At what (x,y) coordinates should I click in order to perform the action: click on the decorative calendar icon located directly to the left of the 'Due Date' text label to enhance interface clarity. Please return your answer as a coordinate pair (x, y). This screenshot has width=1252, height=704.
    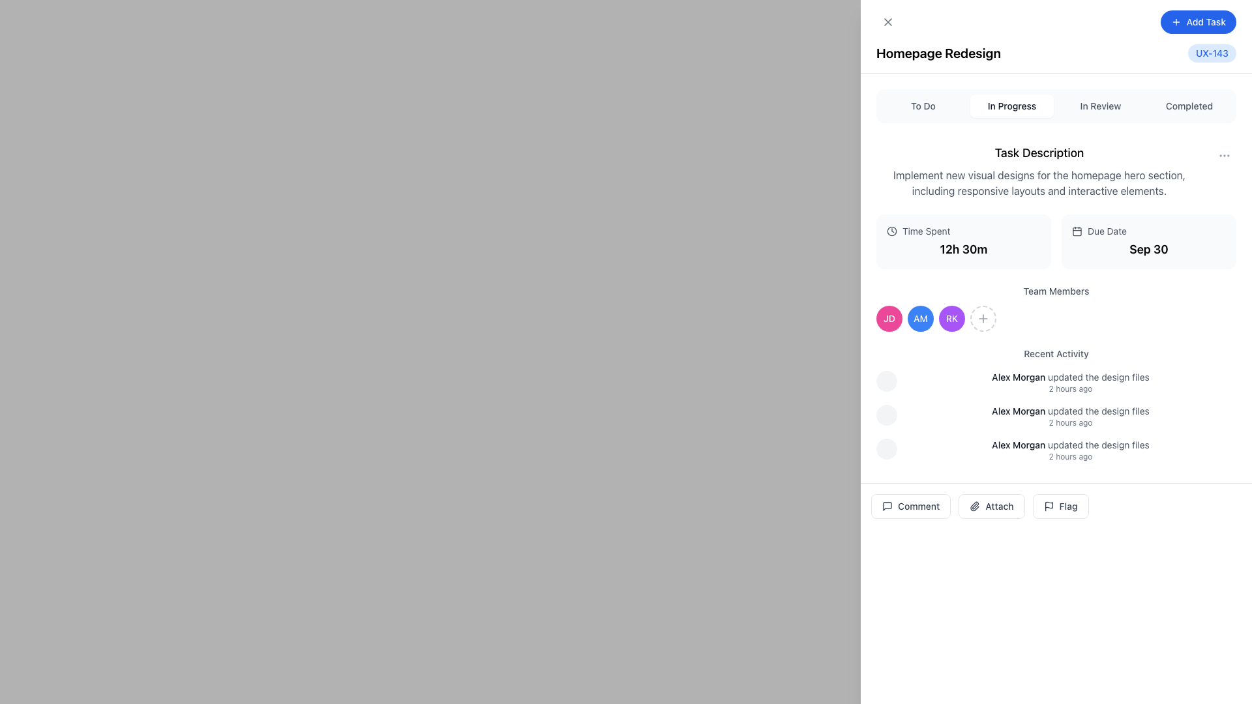
    Looking at the image, I should click on (1077, 230).